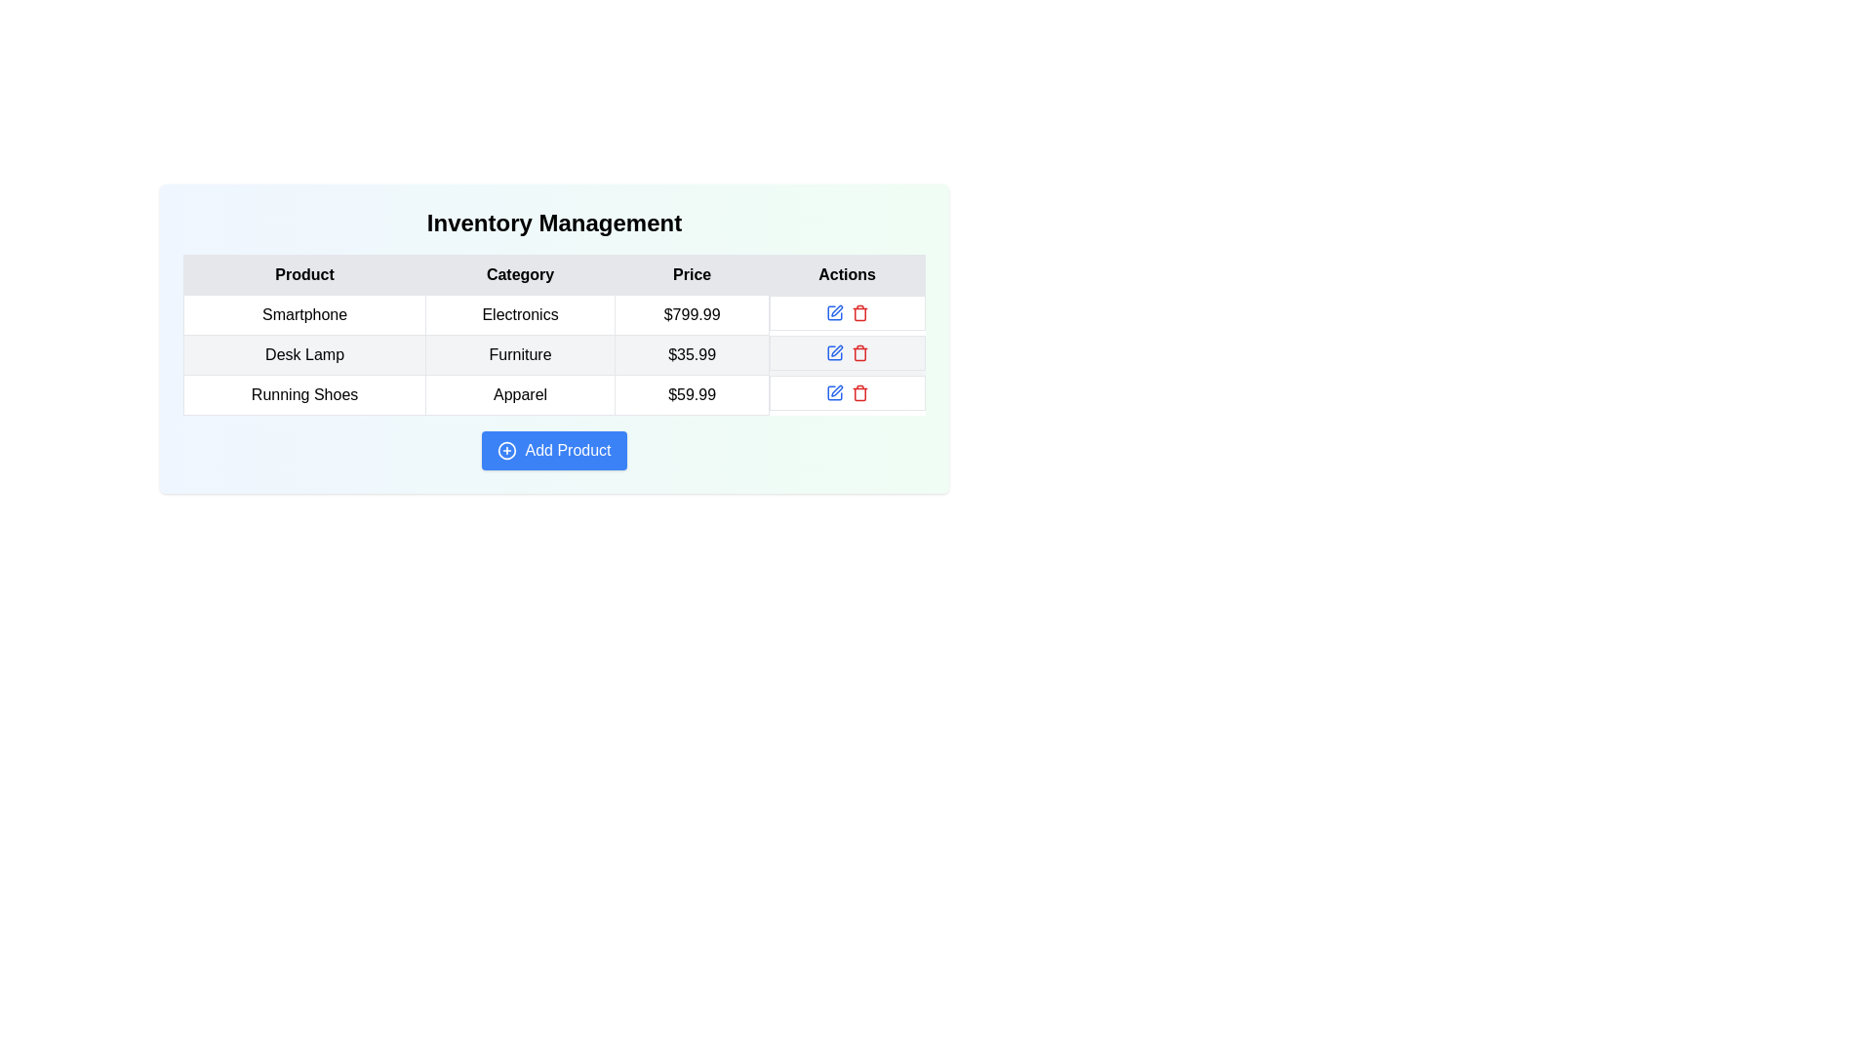  I want to click on the delete icon in the Actions column of the last row for the product 'Running Shoes' in the 'Inventory Management' table to initiate deletion, so click(847, 392).